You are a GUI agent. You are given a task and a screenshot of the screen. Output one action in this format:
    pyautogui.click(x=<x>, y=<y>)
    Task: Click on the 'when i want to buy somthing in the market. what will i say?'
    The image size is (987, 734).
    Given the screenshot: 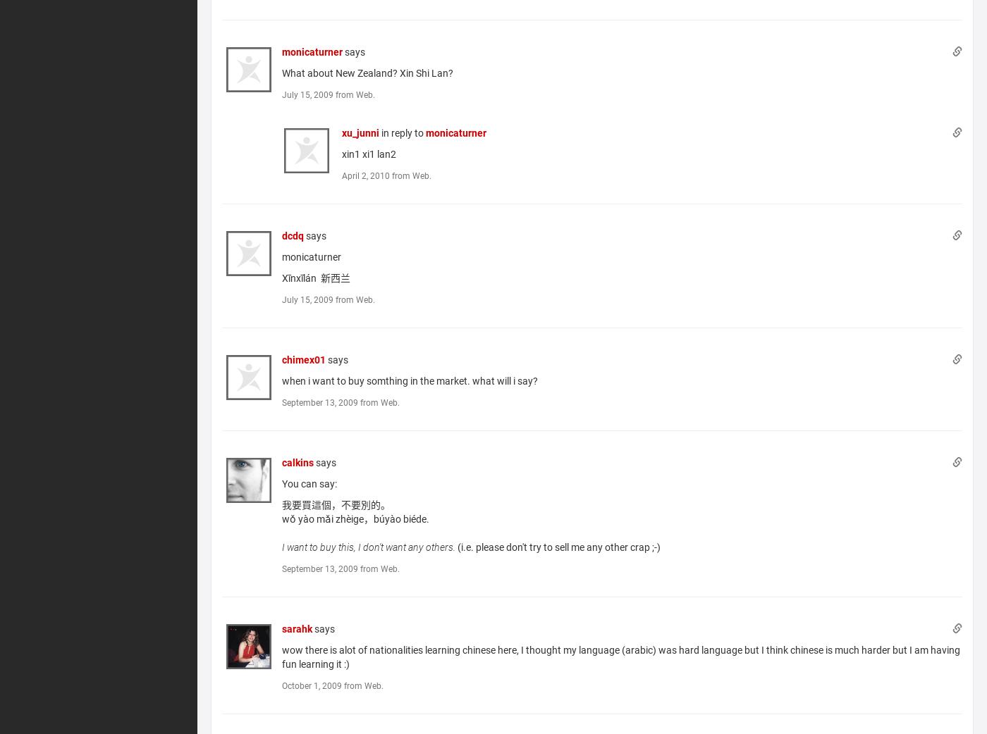 What is the action you would take?
    pyautogui.click(x=410, y=379)
    